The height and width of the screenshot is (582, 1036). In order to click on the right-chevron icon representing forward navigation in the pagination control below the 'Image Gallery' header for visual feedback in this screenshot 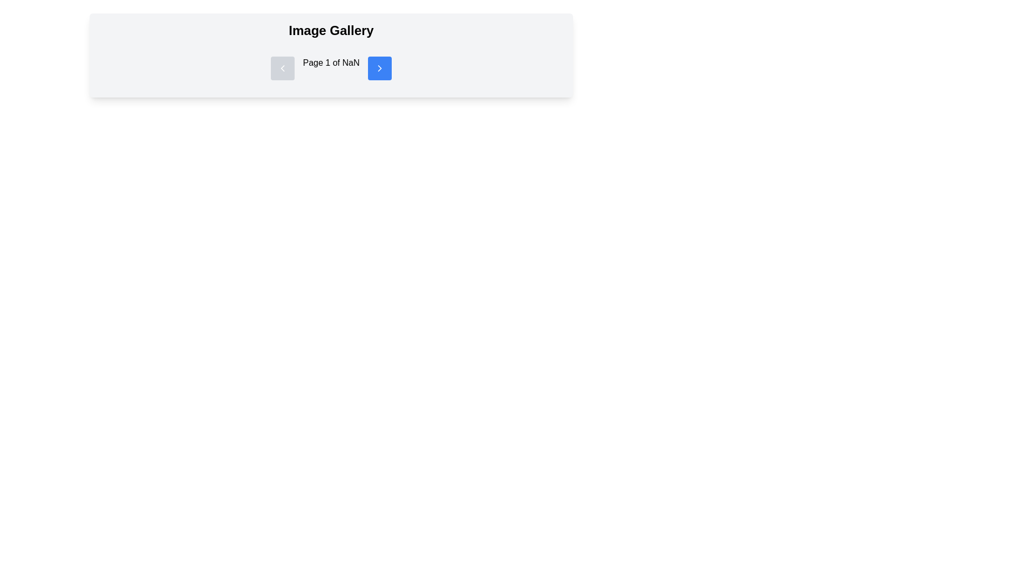, I will do `click(380, 68)`.